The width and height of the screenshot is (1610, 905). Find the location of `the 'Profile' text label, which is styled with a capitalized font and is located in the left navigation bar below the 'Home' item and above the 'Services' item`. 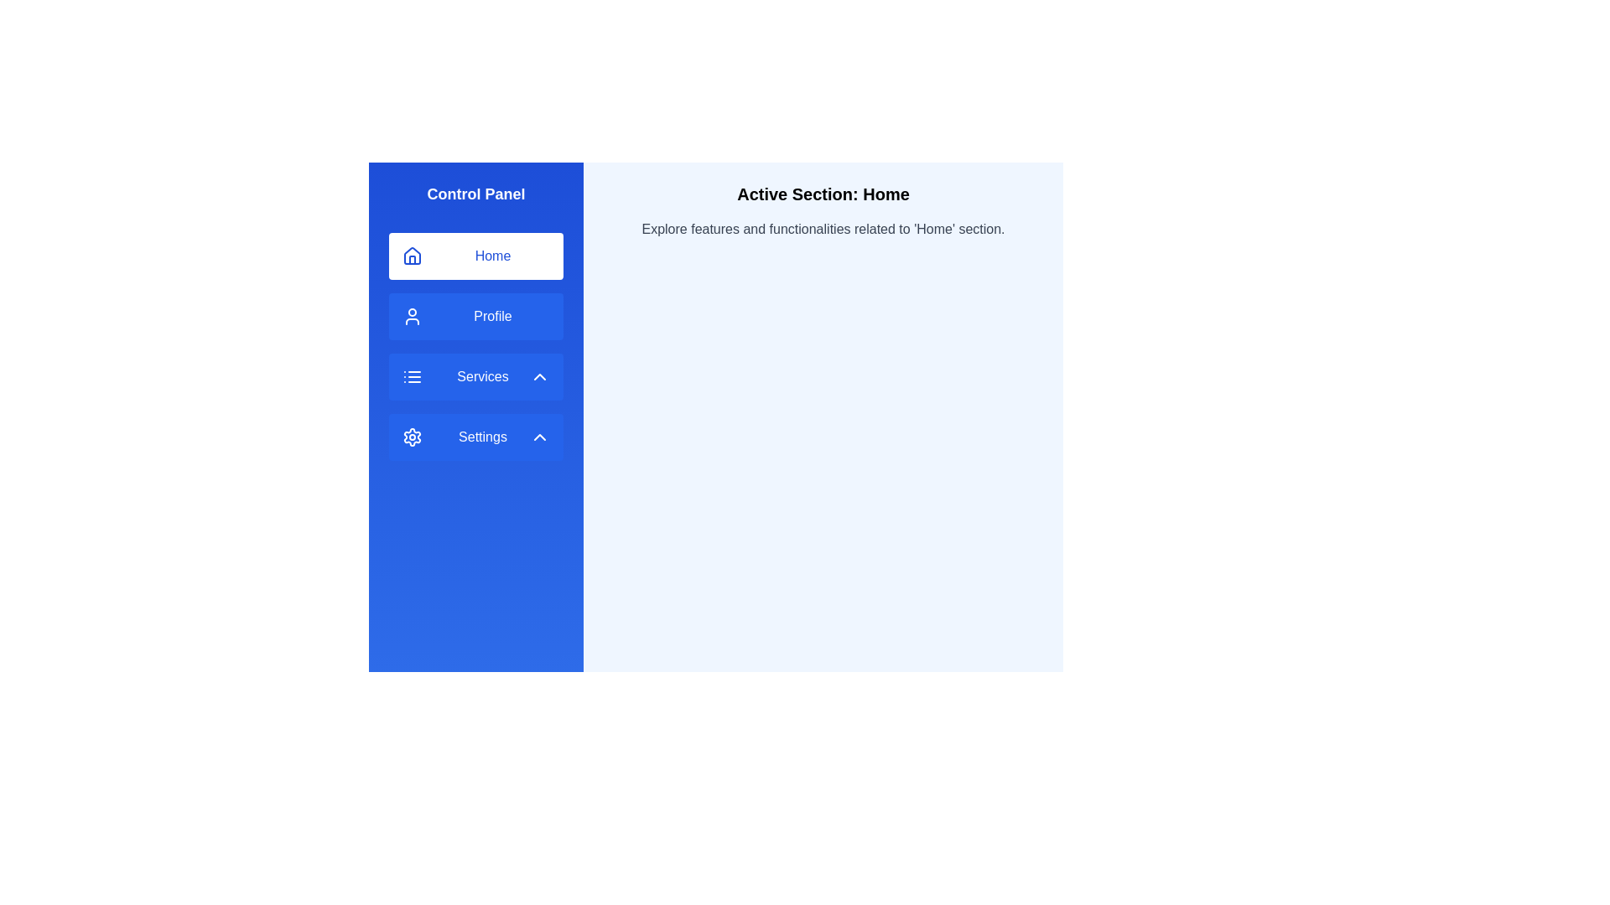

the 'Profile' text label, which is styled with a capitalized font and is located in the left navigation bar below the 'Home' item and above the 'Services' item is located at coordinates (492, 317).